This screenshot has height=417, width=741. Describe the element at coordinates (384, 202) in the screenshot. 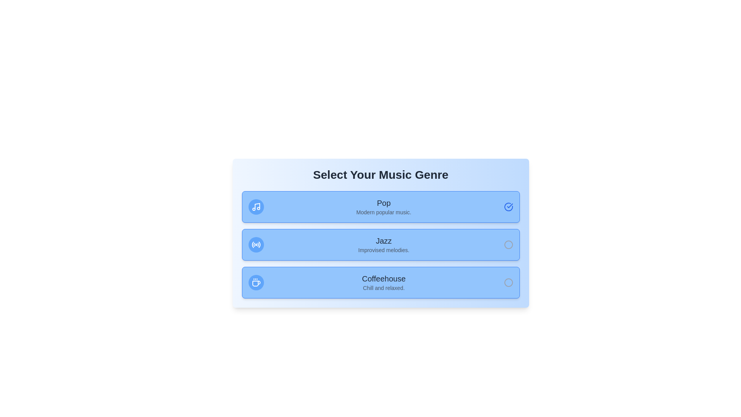

I see `the 'Pop' music genre label, which is the name label positioned above the descriptive text 'Modern popular music.' in the music genre selection list` at that location.